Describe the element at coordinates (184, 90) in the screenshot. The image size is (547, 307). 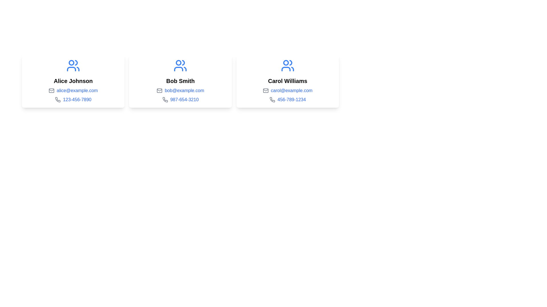
I see `the hyperlink displaying the email address 'bob@example.com'` at that location.